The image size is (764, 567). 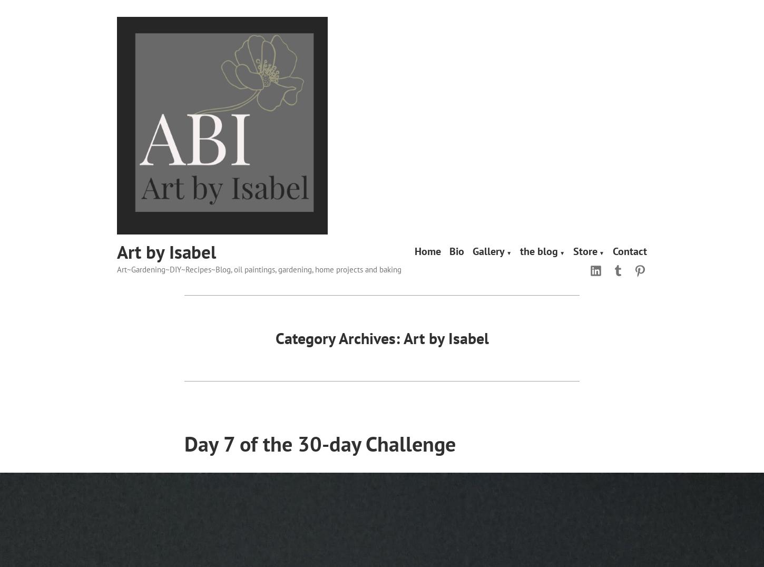 What do you see at coordinates (488, 250) in the screenshot?
I see `'Gallery'` at bounding box center [488, 250].